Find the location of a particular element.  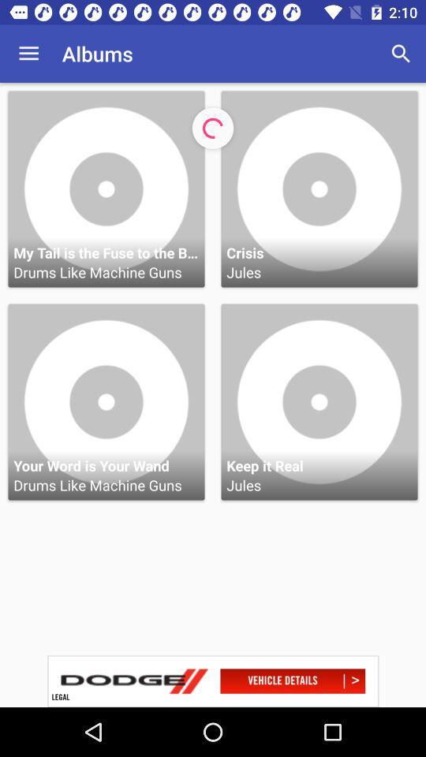

opens the advertisement is located at coordinates (213, 681).